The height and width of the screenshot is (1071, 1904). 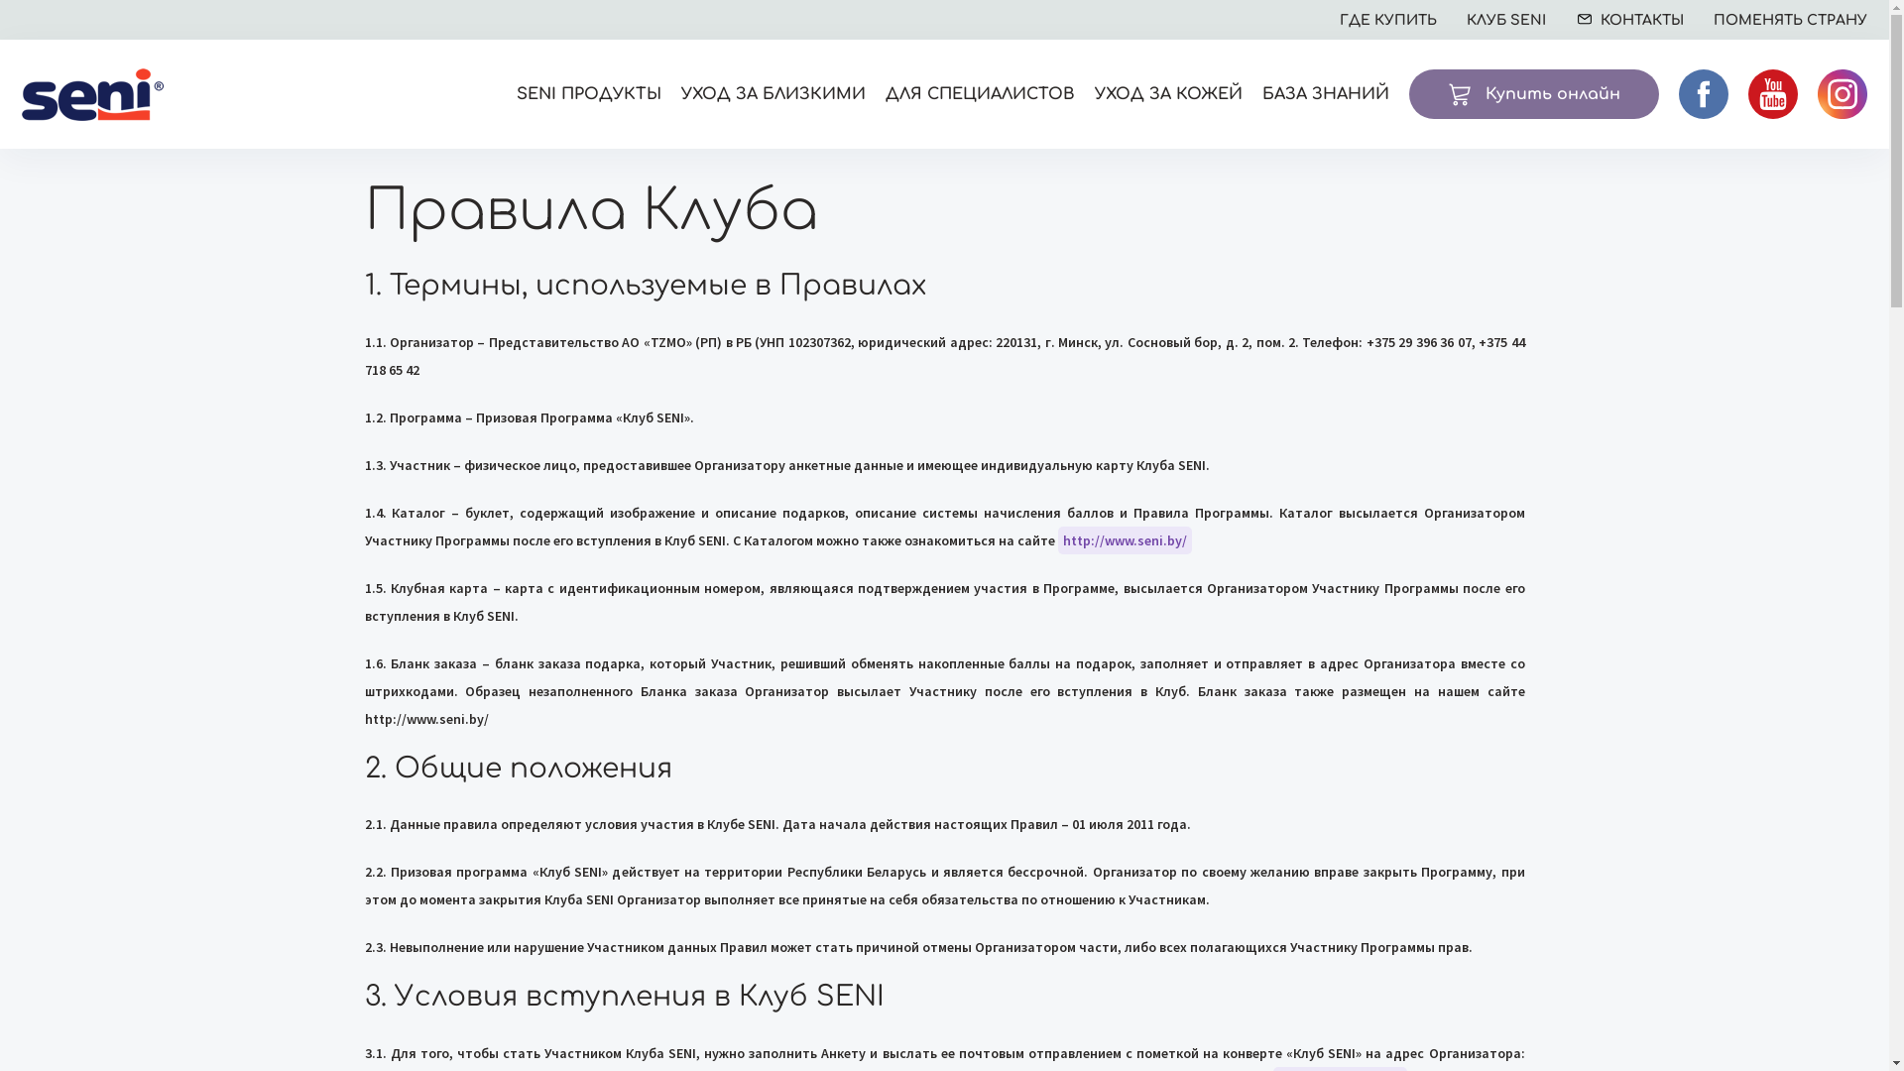 I want to click on 'http://www.seni.by/', so click(x=1124, y=539).